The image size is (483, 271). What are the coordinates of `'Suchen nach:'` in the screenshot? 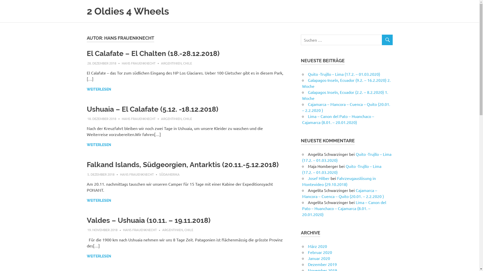 It's located at (346, 39).